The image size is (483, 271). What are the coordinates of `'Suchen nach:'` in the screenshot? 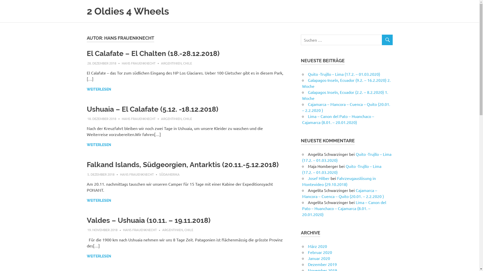 It's located at (346, 39).